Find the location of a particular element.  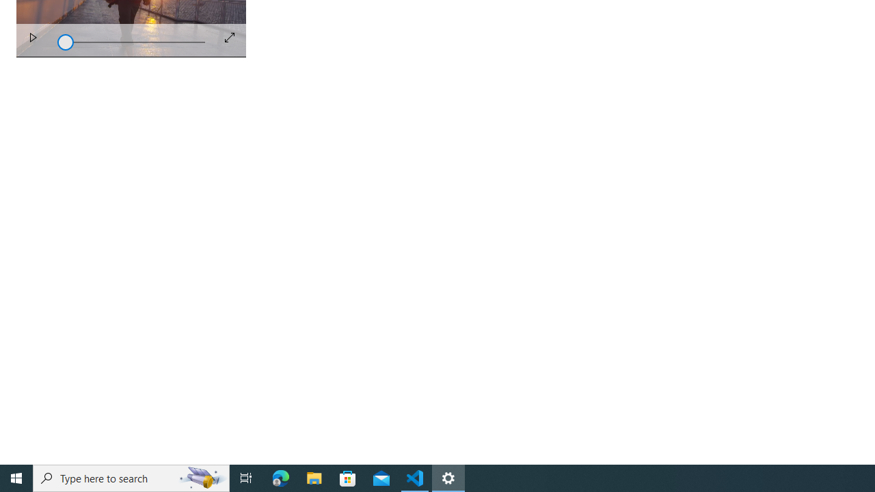

'Full Screen' is located at coordinates (230, 37).